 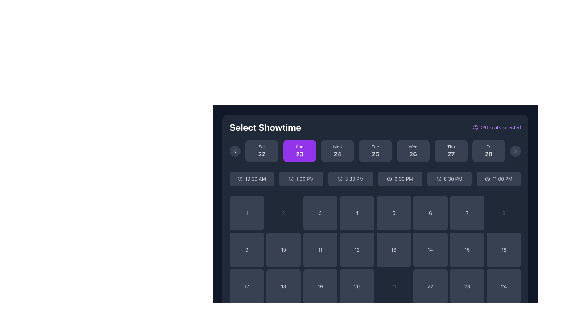 What do you see at coordinates (487, 178) in the screenshot?
I see `the SVG circle element that is part of the clock icon, located in the 11:00 PM time slot section` at bounding box center [487, 178].